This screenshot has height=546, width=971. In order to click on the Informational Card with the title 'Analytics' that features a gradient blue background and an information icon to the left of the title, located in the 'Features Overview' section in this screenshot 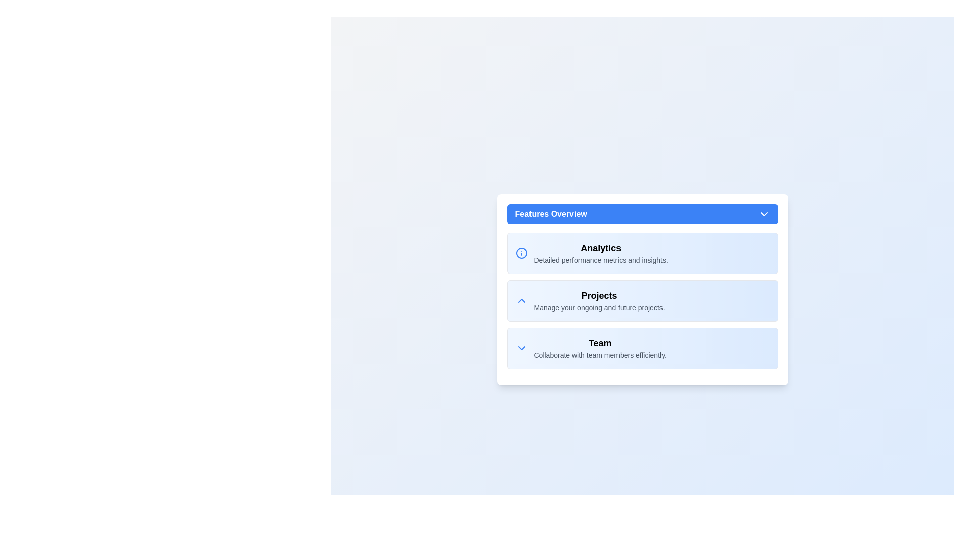, I will do `click(642, 253)`.